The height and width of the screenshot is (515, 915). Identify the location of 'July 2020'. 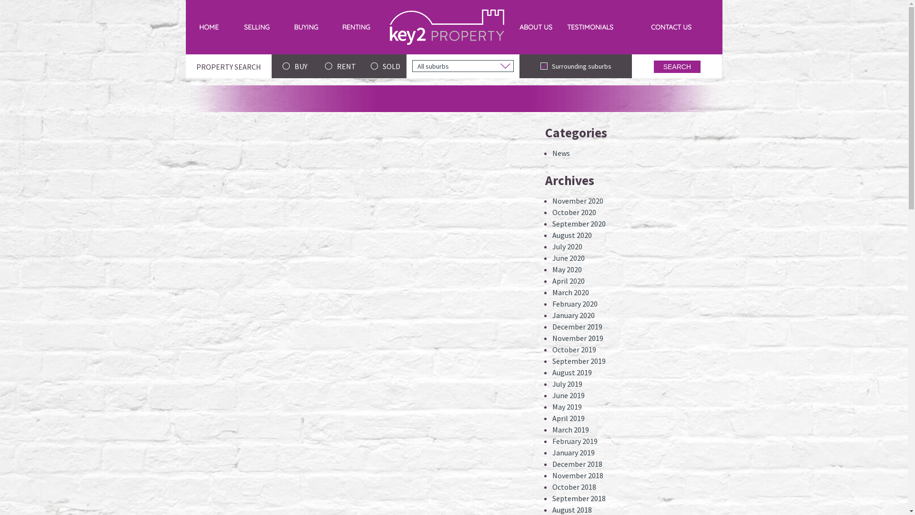
(567, 246).